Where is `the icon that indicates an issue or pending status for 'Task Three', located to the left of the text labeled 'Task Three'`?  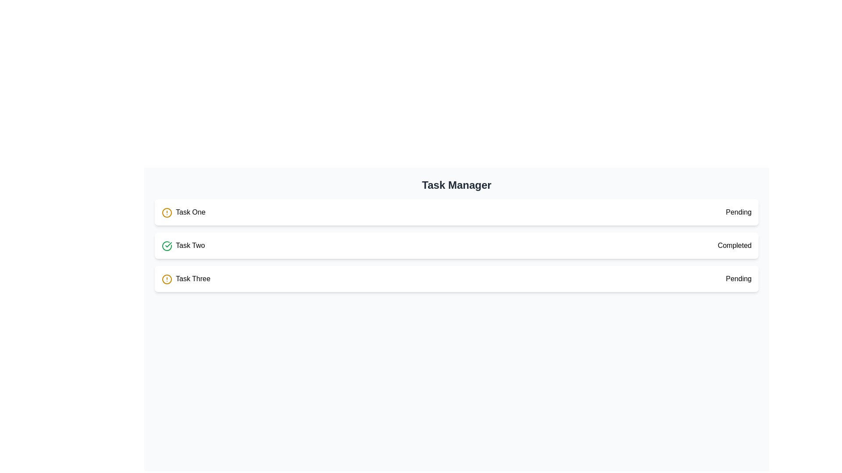
the icon that indicates an issue or pending status for 'Task Three', located to the left of the text labeled 'Task Three' is located at coordinates (167, 279).